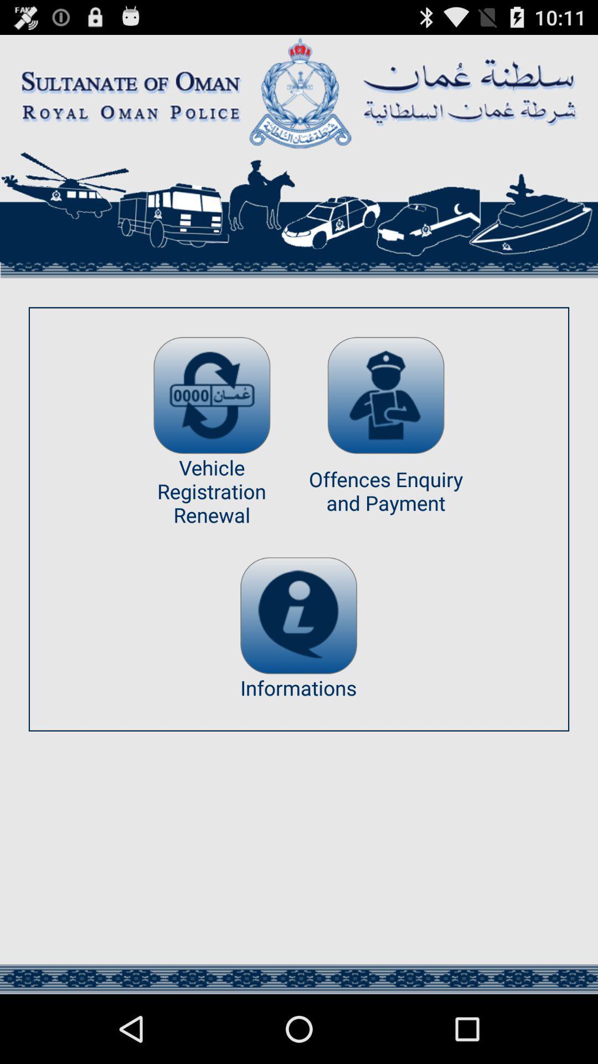 The image size is (598, 1064). What do you see at coordinates (385, 422) in the screenshot?
I see `the avatar icon` at bounding box center [385, 422].